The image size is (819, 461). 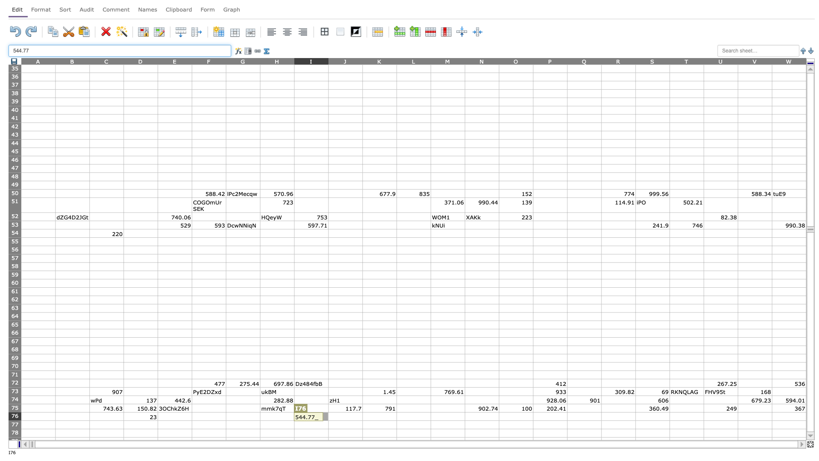 What do you see at coordinates (328, 411) in the screenshot?
I see `Top left corner of J-76` at bounding box center [328, 411].